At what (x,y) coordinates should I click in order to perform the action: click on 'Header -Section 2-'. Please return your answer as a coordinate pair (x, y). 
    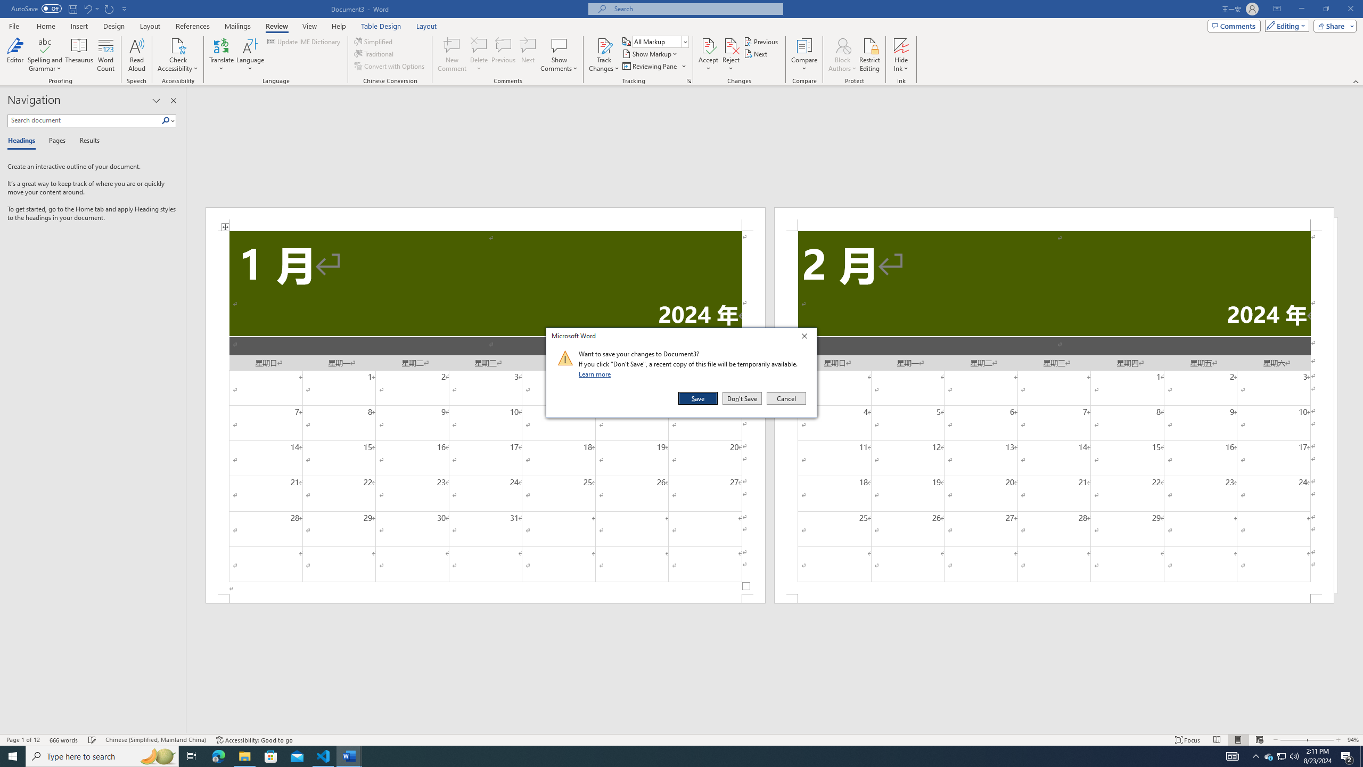
    Looking at the image, I should click on (1054, 218).